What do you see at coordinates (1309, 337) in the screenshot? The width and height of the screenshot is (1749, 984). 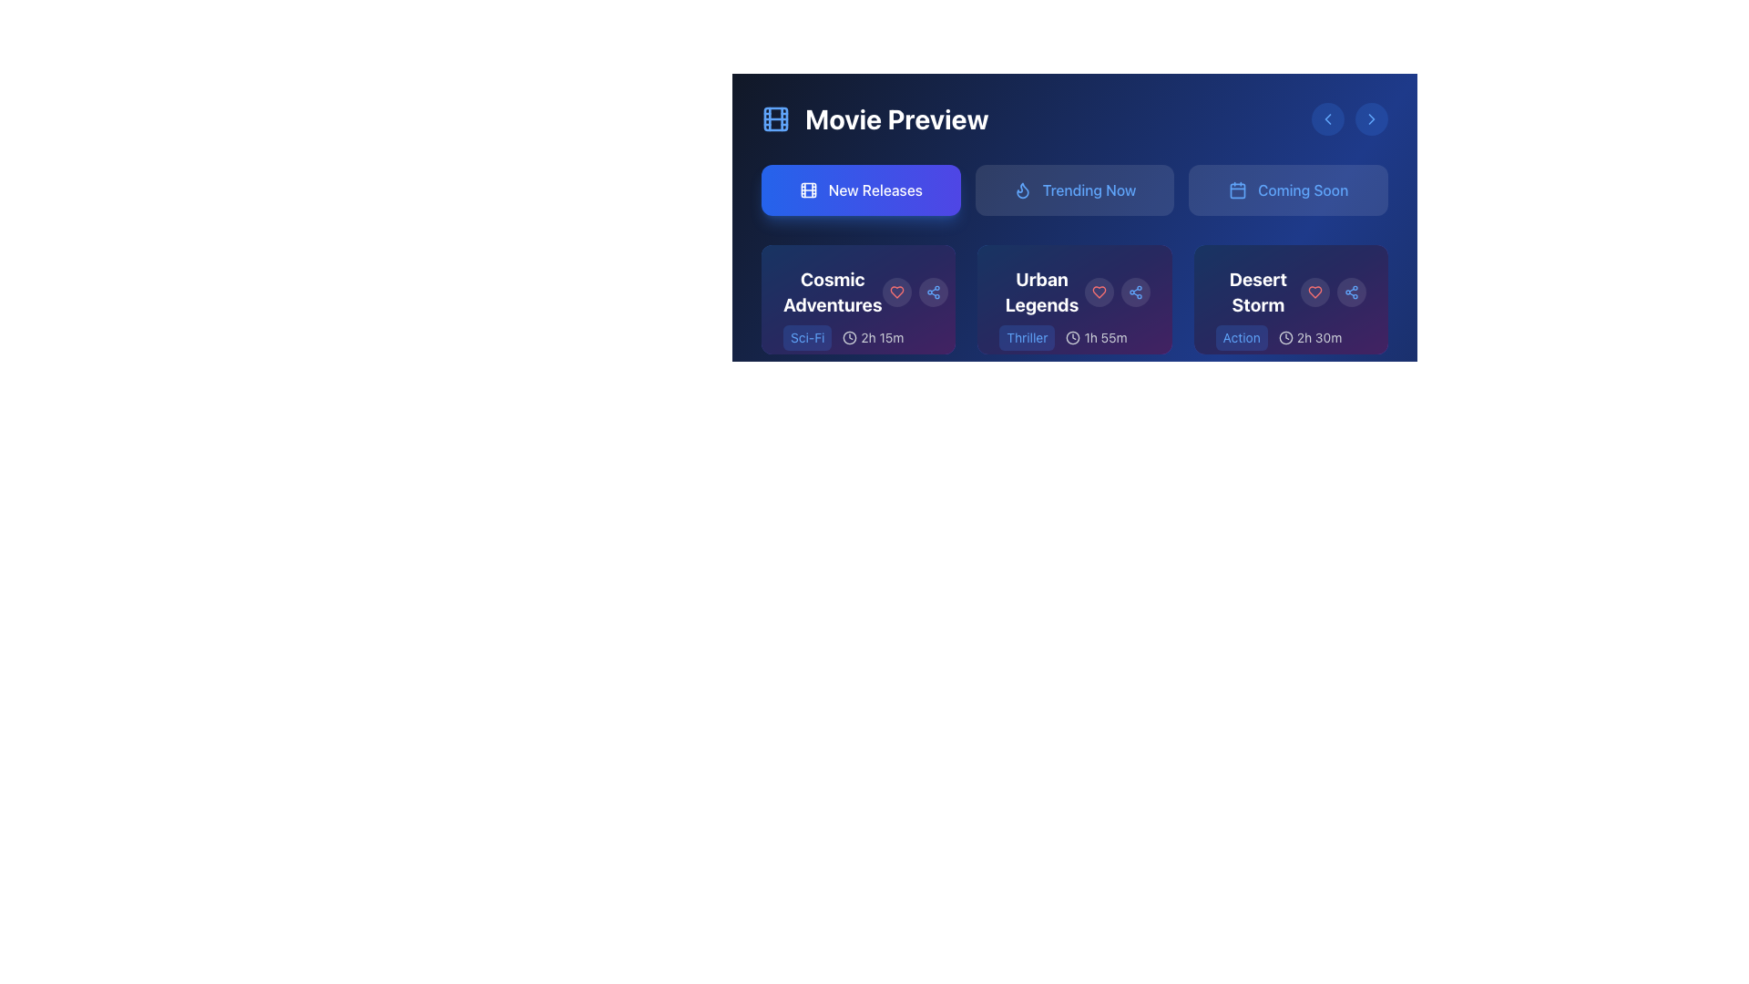 I see `displayed information from the text label with an icon located centrally within the card for 'Desert Storm', near the bottom edge, following the 'Action' label` at bounding box center [1309, 337].